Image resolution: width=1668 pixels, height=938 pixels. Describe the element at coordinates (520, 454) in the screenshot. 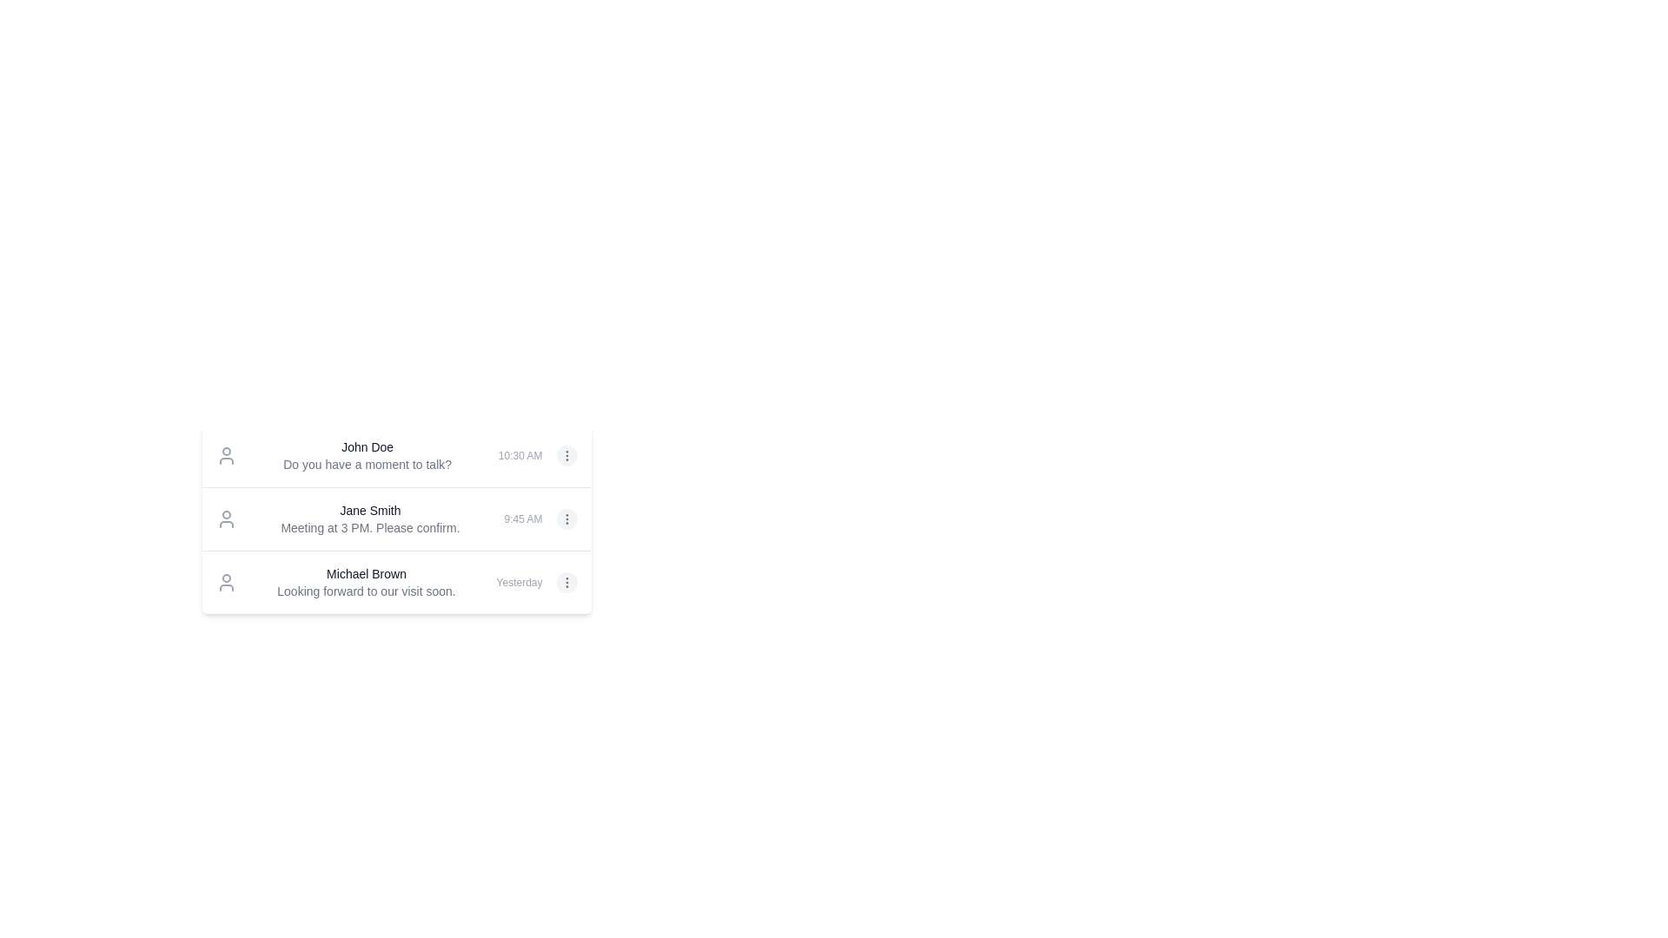

I see `the Text label indicating the time associated with the message entry, which is positioned to the right of the message text 'Do you have a moment to talk?' and aligned vertically with the sender's name 'John Doe.'` at that location.